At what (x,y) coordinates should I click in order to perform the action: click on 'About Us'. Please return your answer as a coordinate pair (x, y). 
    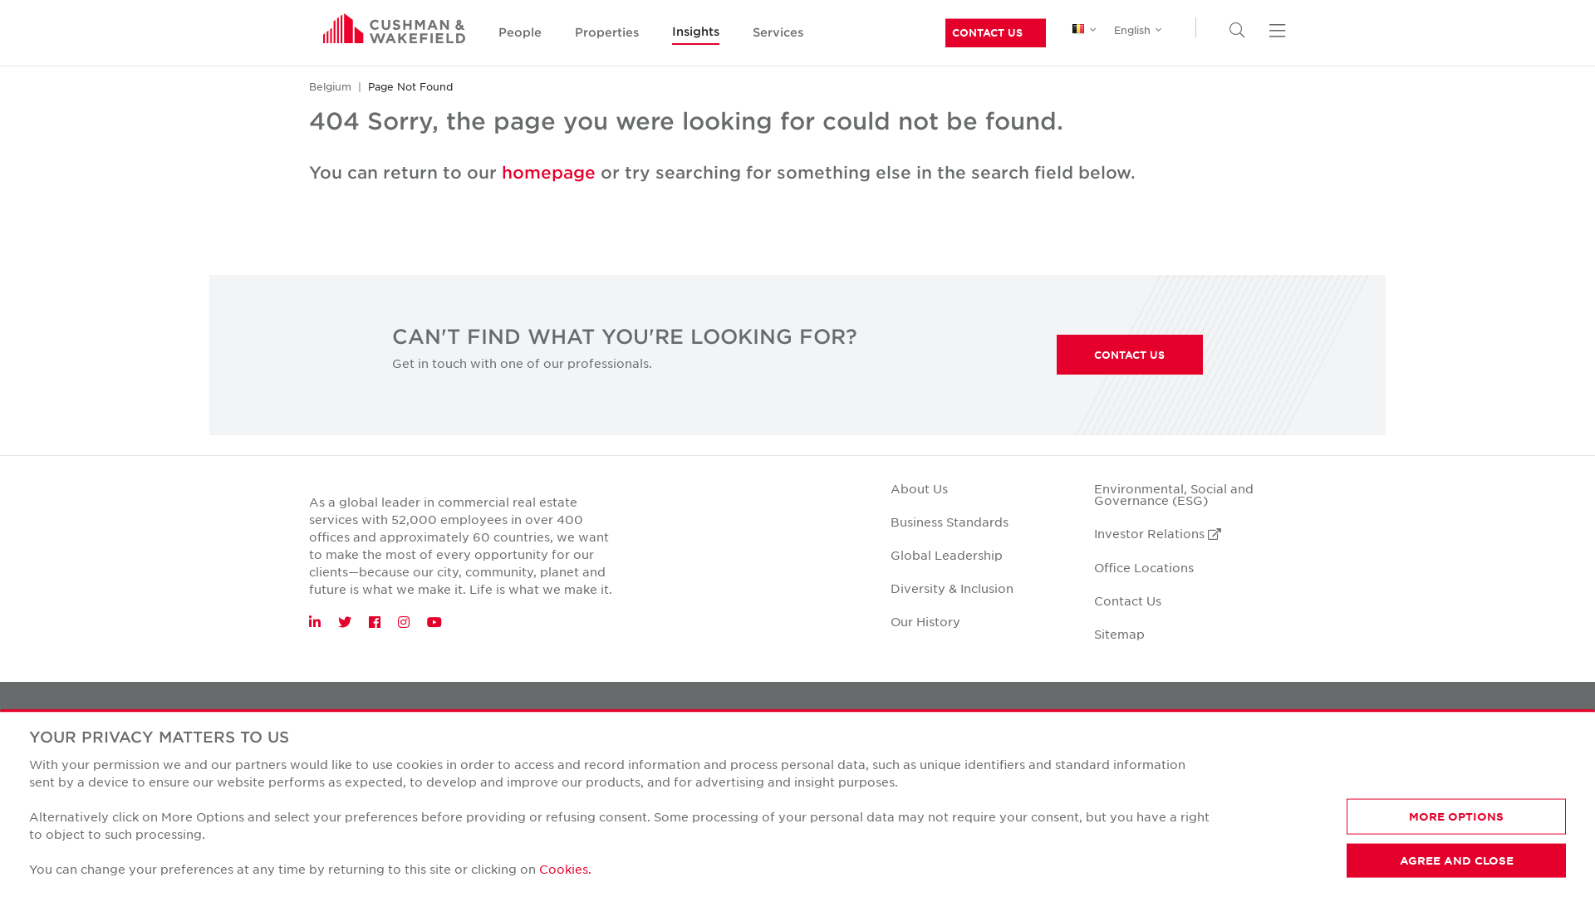
    Looking at the image, I should click on (918, 487).